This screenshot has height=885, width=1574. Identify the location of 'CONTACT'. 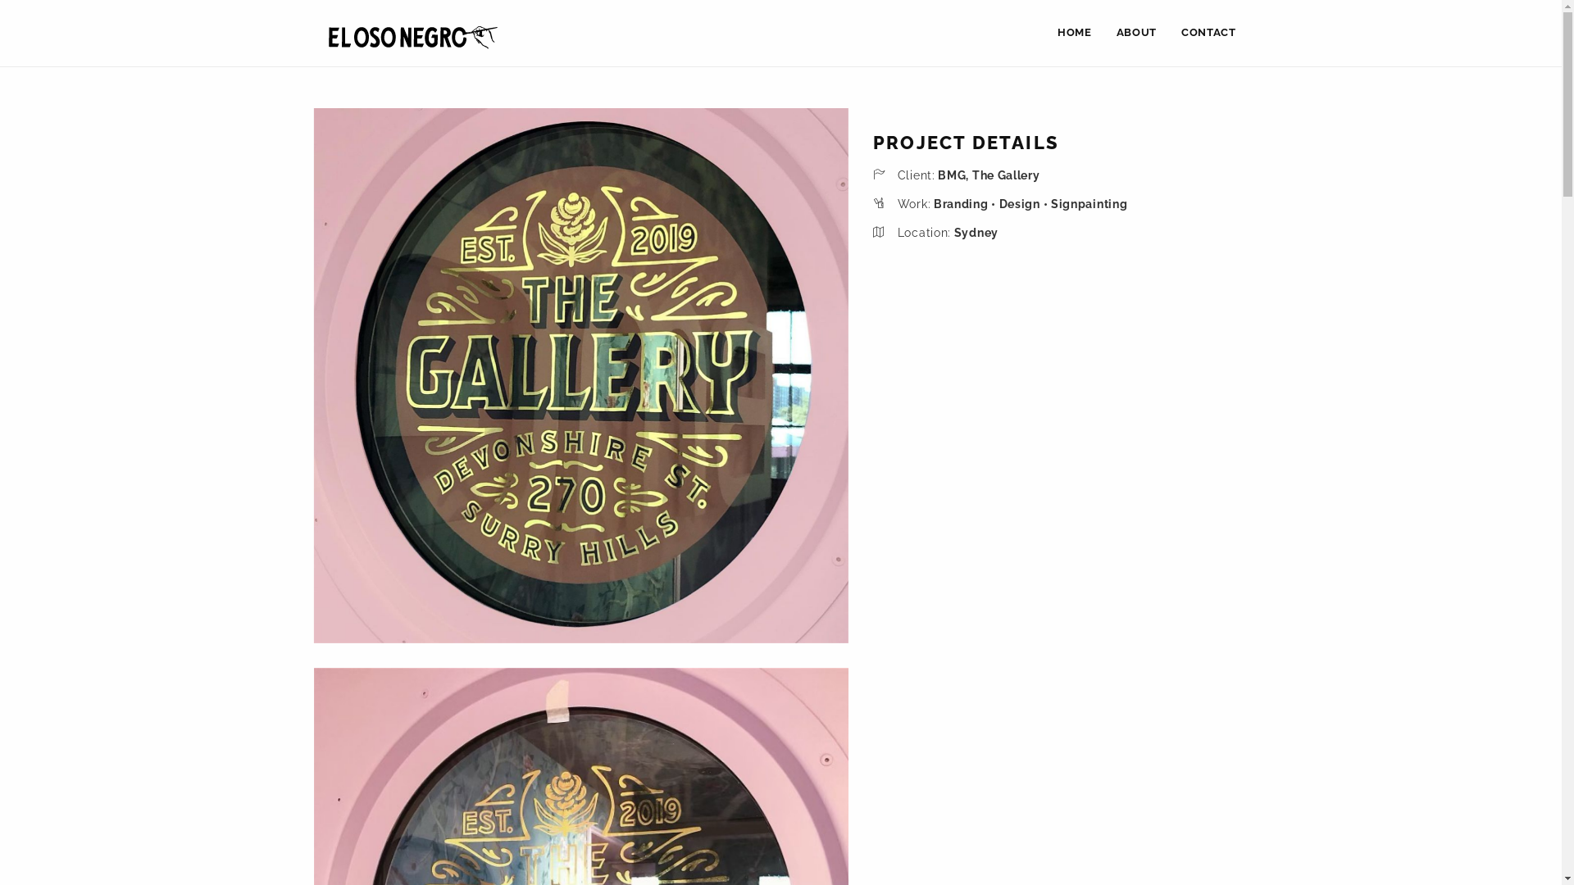
(1208, 32).